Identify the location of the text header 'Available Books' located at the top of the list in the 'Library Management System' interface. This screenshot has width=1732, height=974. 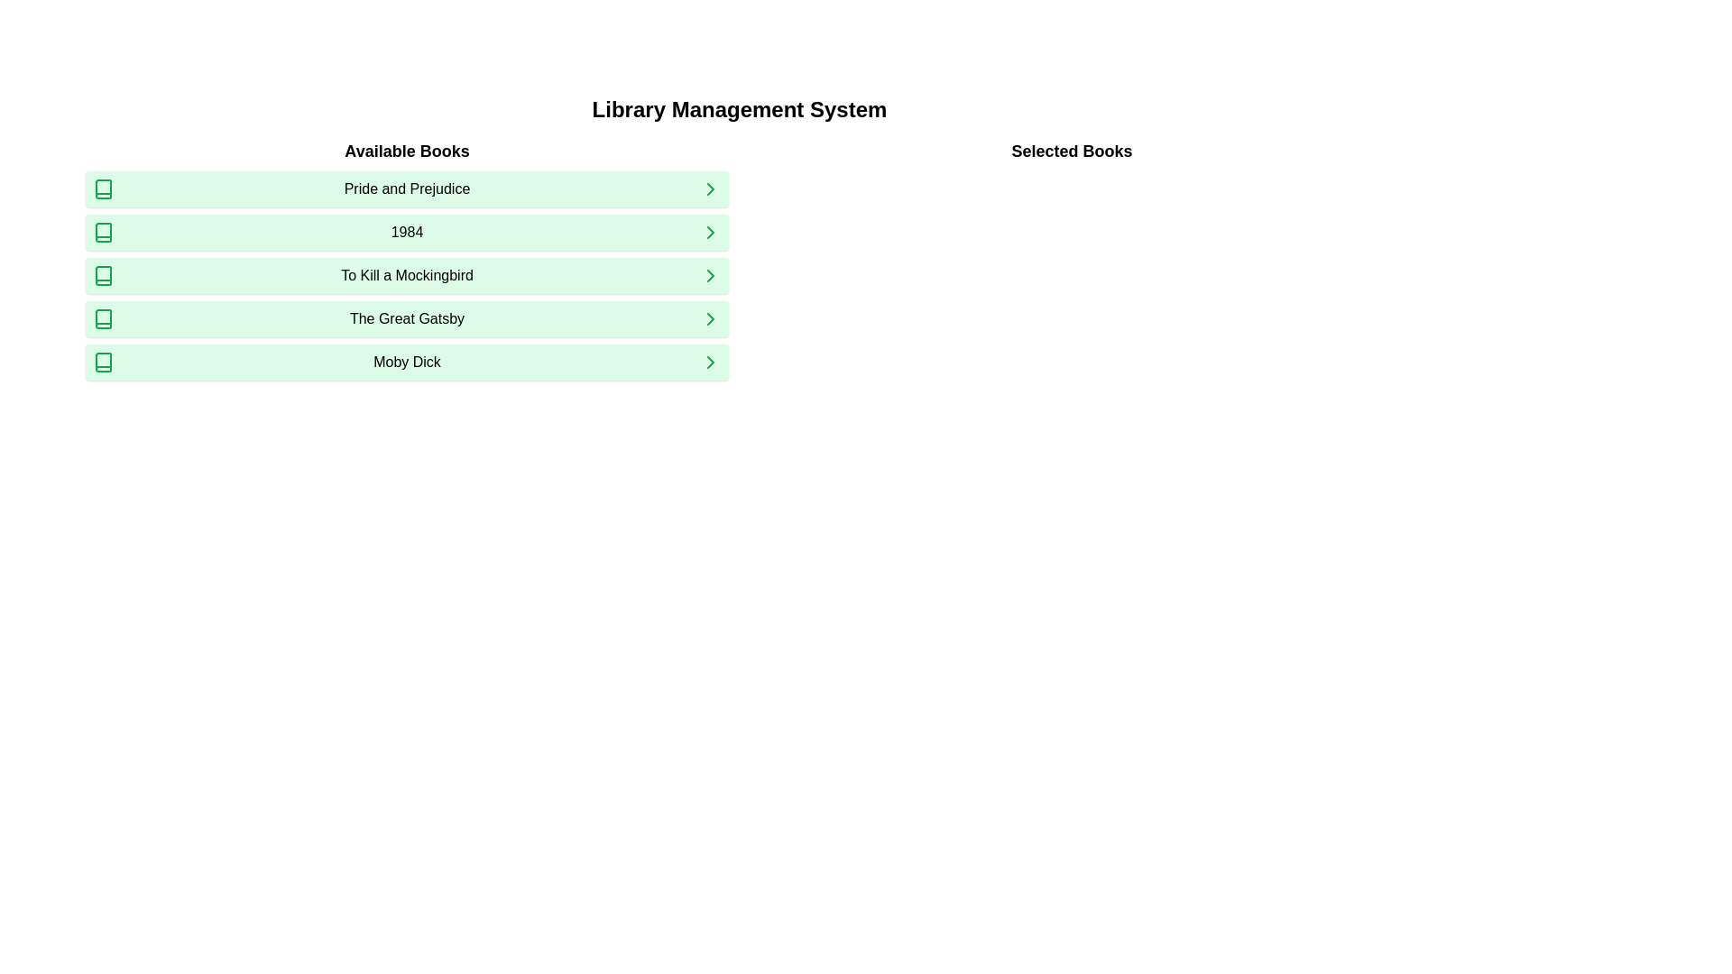
(406, 260).